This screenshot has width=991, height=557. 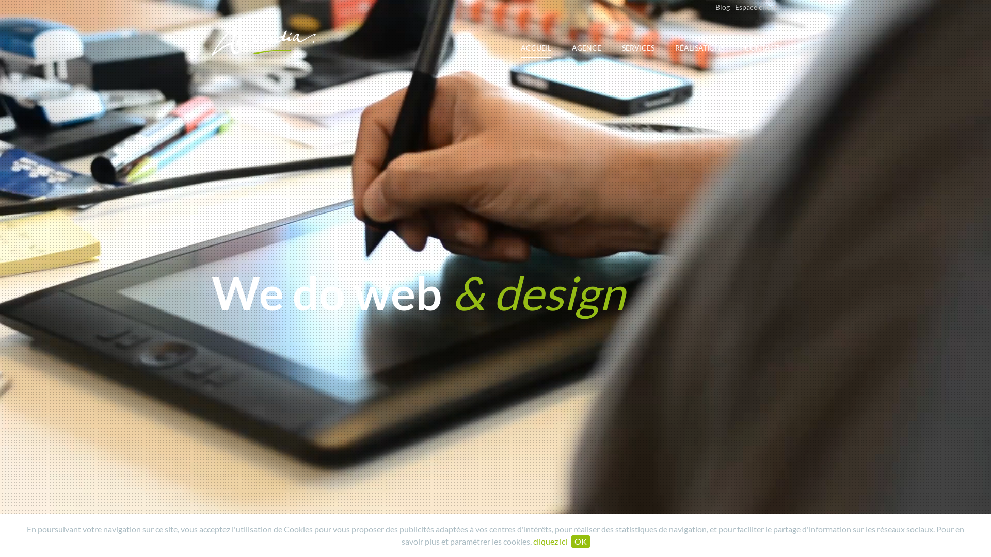 I want to click on 'SERVICES', so click(x=637, y=54).